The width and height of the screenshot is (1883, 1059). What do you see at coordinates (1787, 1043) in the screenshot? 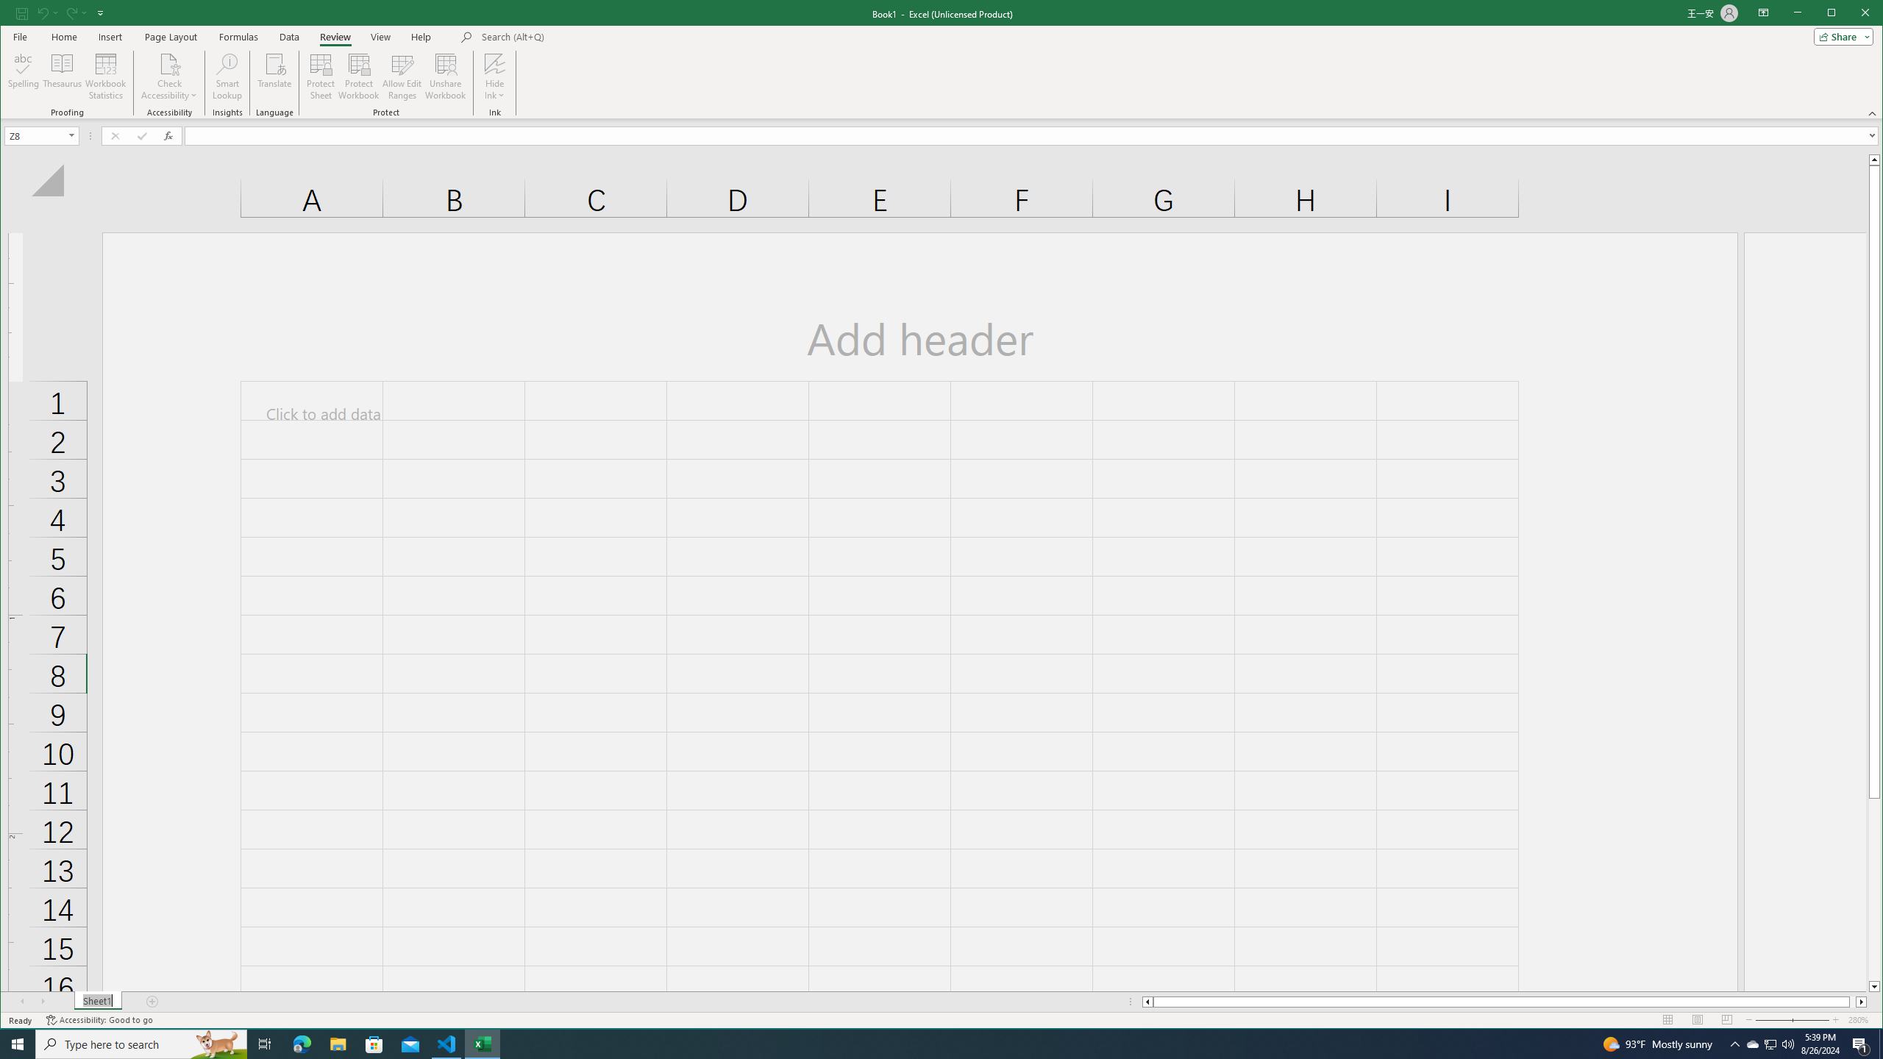
I see `'Q2790: 100%'` at bounding box center [1787, 1043].